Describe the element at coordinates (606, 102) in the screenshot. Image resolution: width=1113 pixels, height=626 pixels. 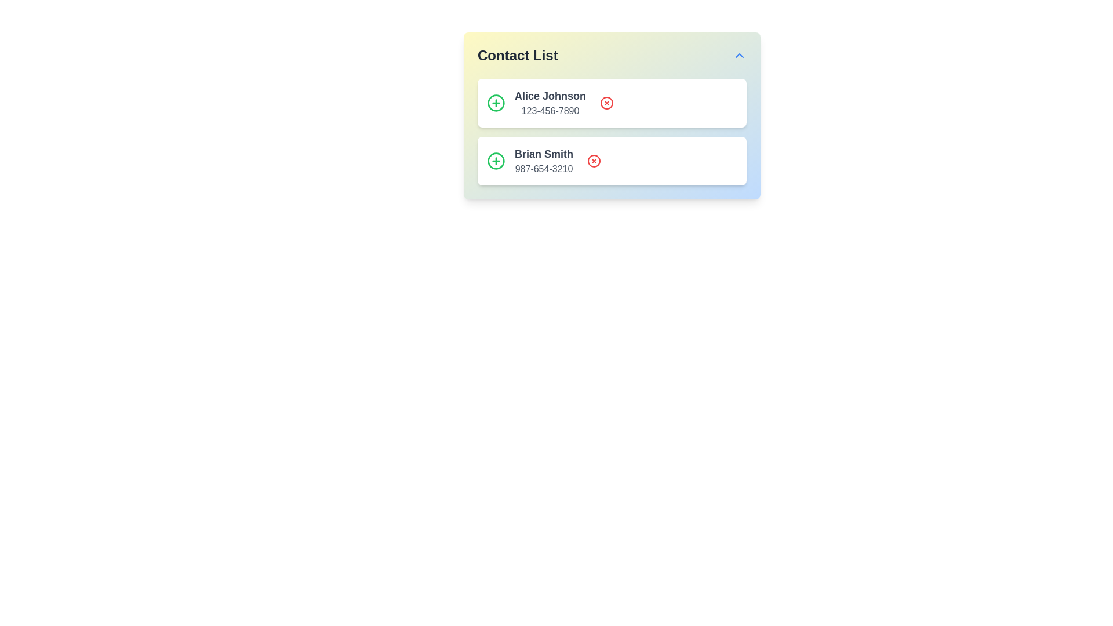
I see `the IconButton located in the top-right corner of Alice Johnson's card` at that location.